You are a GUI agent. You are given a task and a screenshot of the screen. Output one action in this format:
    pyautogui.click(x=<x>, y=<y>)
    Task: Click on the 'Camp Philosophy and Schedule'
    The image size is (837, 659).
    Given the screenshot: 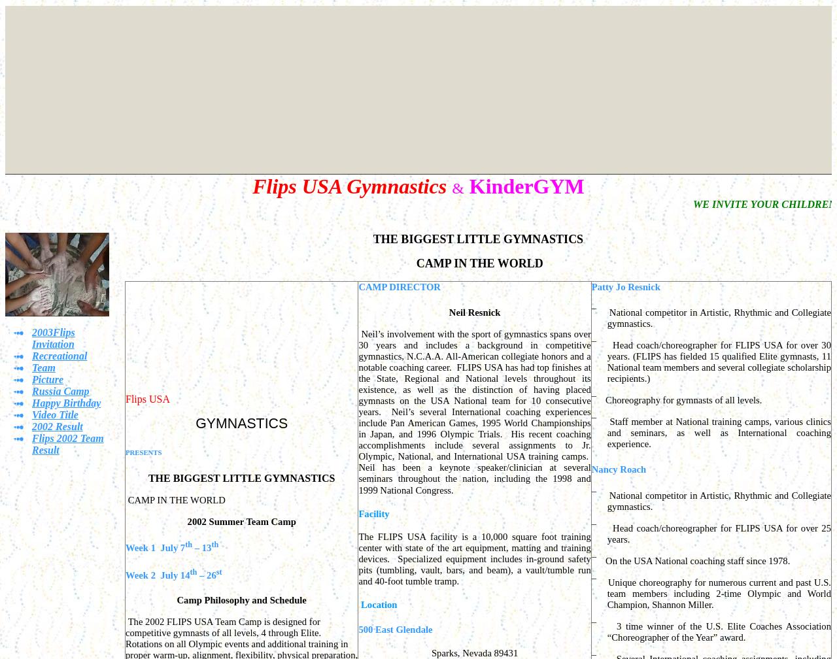 What is the action you would take?
    pyautogui.click(x=241, y=599)
    